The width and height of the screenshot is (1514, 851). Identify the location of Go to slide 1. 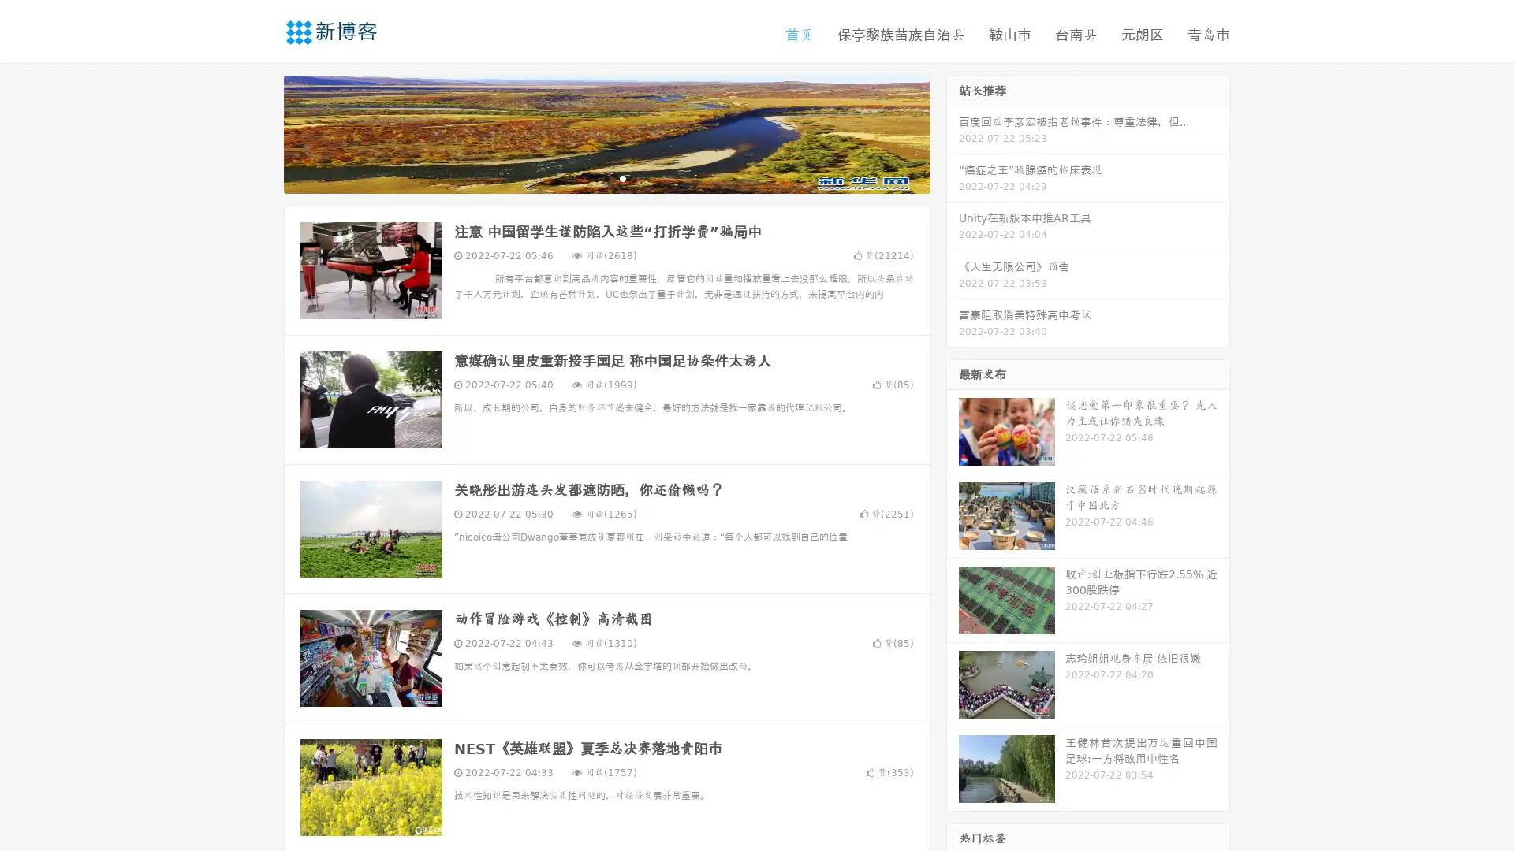
(590, 177).